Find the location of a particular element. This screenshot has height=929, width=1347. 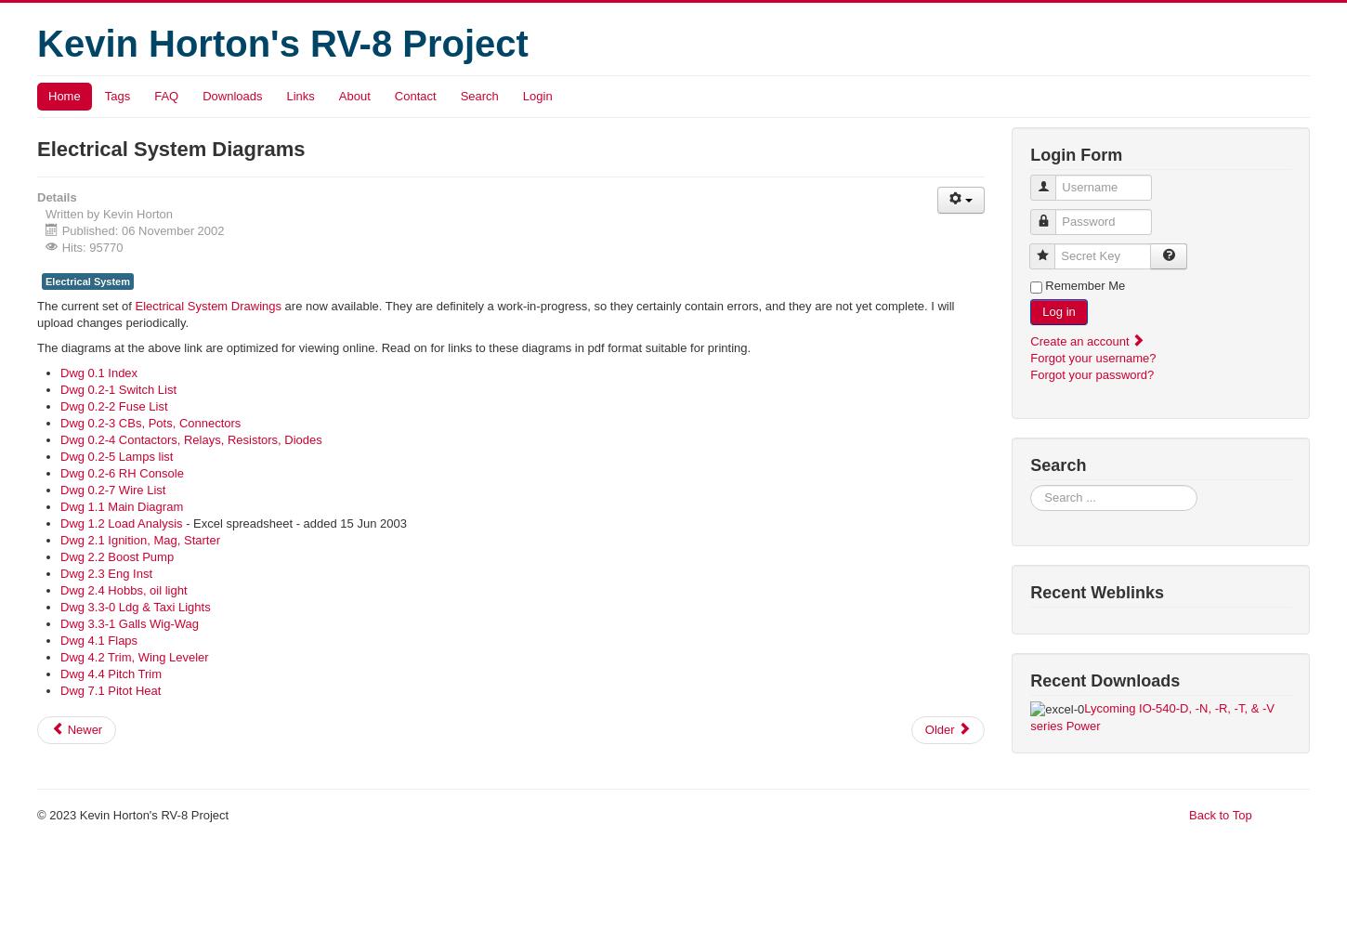

'Remember Me' is located at coordinates (1083, 285).